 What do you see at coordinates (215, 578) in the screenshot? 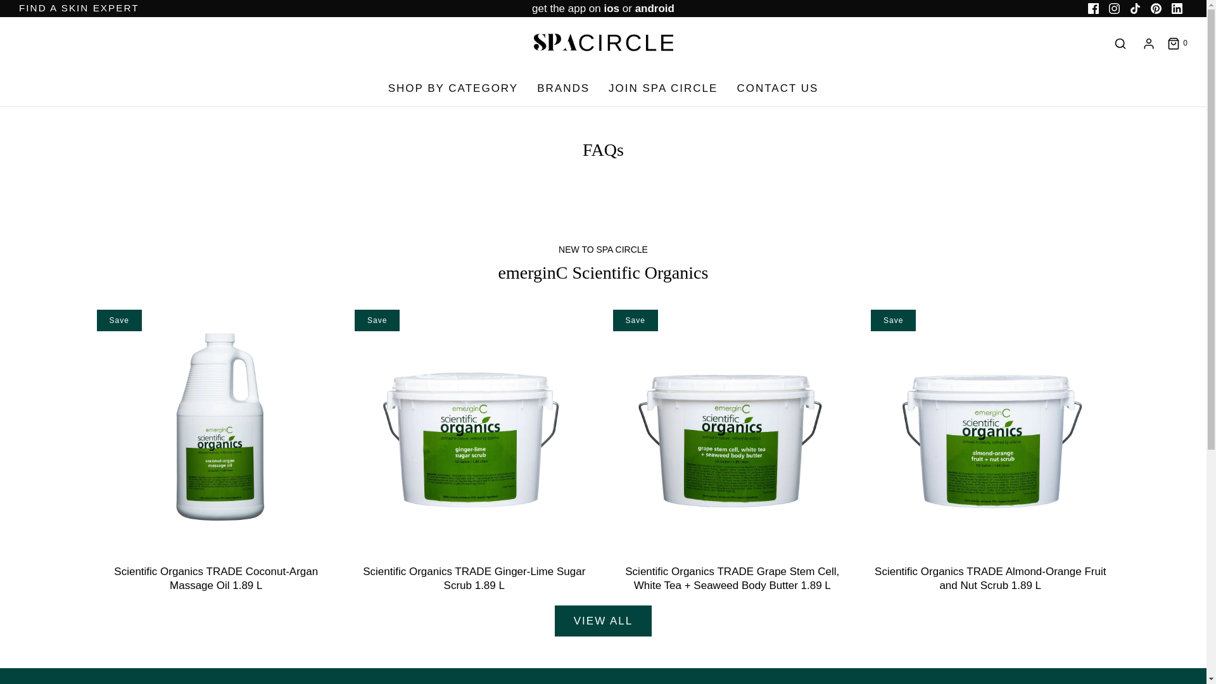
I see `'Scientific Organics TRADE Coconut-Argan Massage Oil 1.89 L'` at bounding box center [215, 578].